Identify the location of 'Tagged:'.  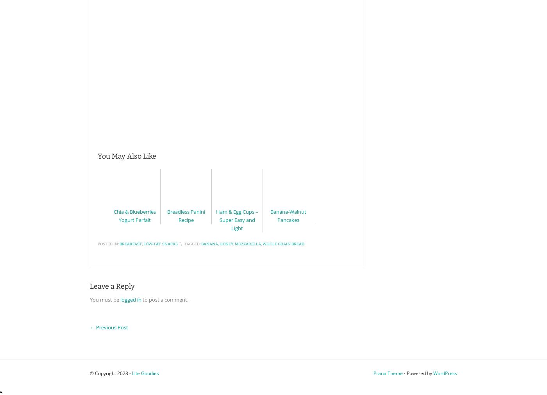
(192, 244).